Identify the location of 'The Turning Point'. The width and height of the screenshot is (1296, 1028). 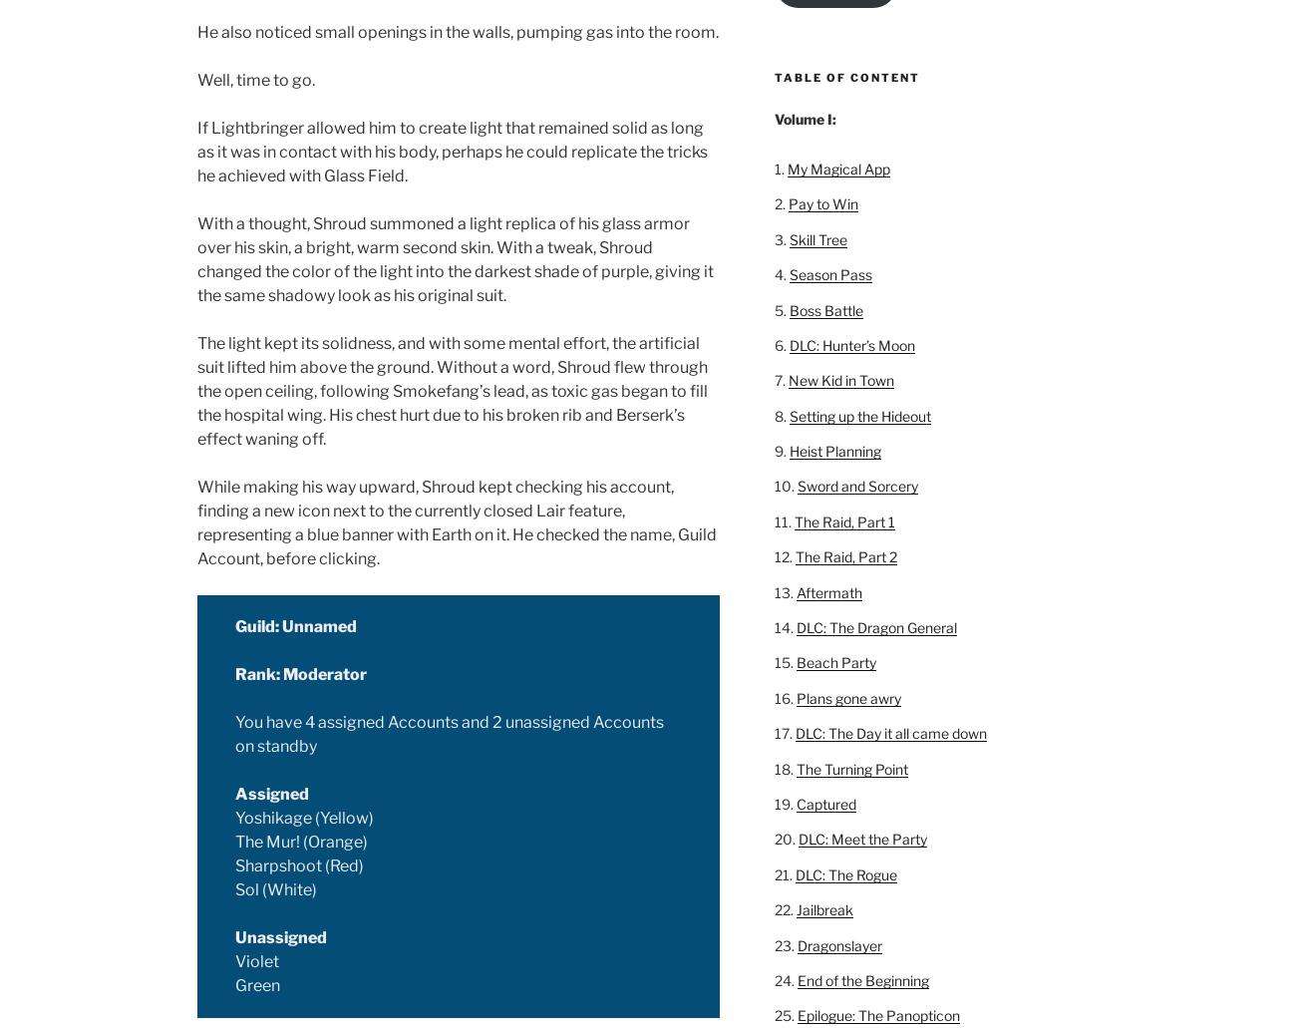
(850, 767).